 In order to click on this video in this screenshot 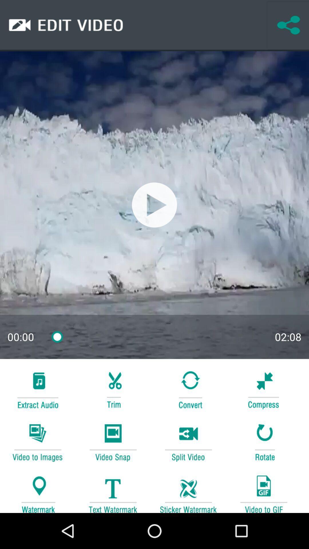, I will do `click(154, 205)`.